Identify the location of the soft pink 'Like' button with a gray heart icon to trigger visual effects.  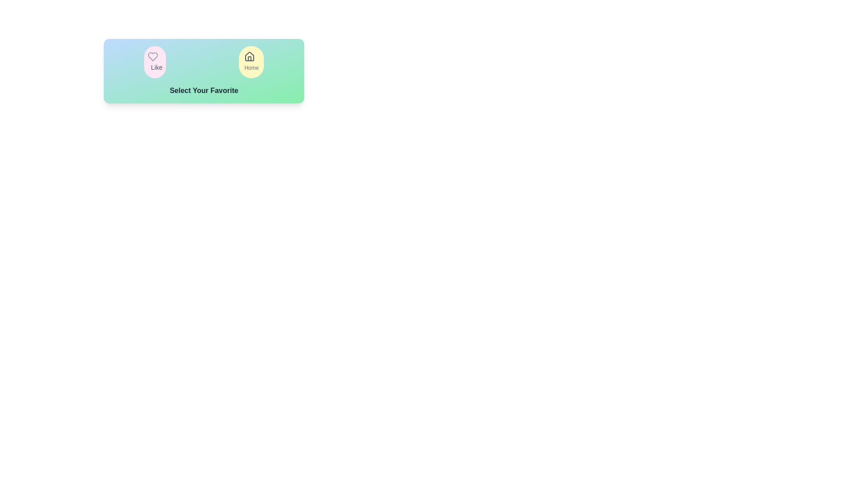
(155, 61).